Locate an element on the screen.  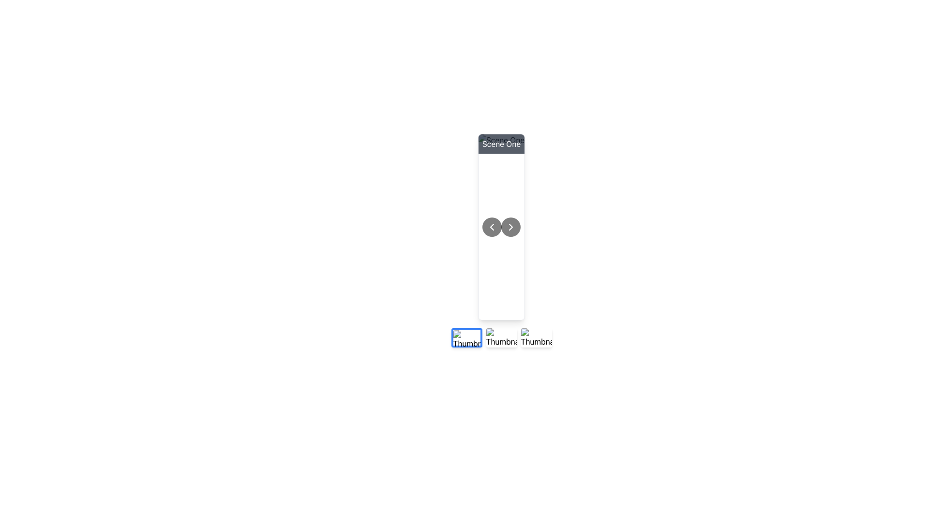
the left-facing chevron icon indicating navigation direction located in the vertically centered set of navigation controls on the left side of the visible area is located at coordinates (492, 227).